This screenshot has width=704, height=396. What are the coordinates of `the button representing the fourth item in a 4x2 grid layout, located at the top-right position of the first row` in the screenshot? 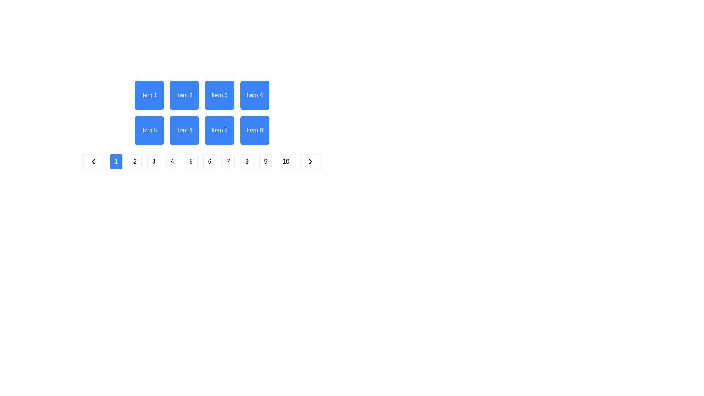 It's located at (255, 95).